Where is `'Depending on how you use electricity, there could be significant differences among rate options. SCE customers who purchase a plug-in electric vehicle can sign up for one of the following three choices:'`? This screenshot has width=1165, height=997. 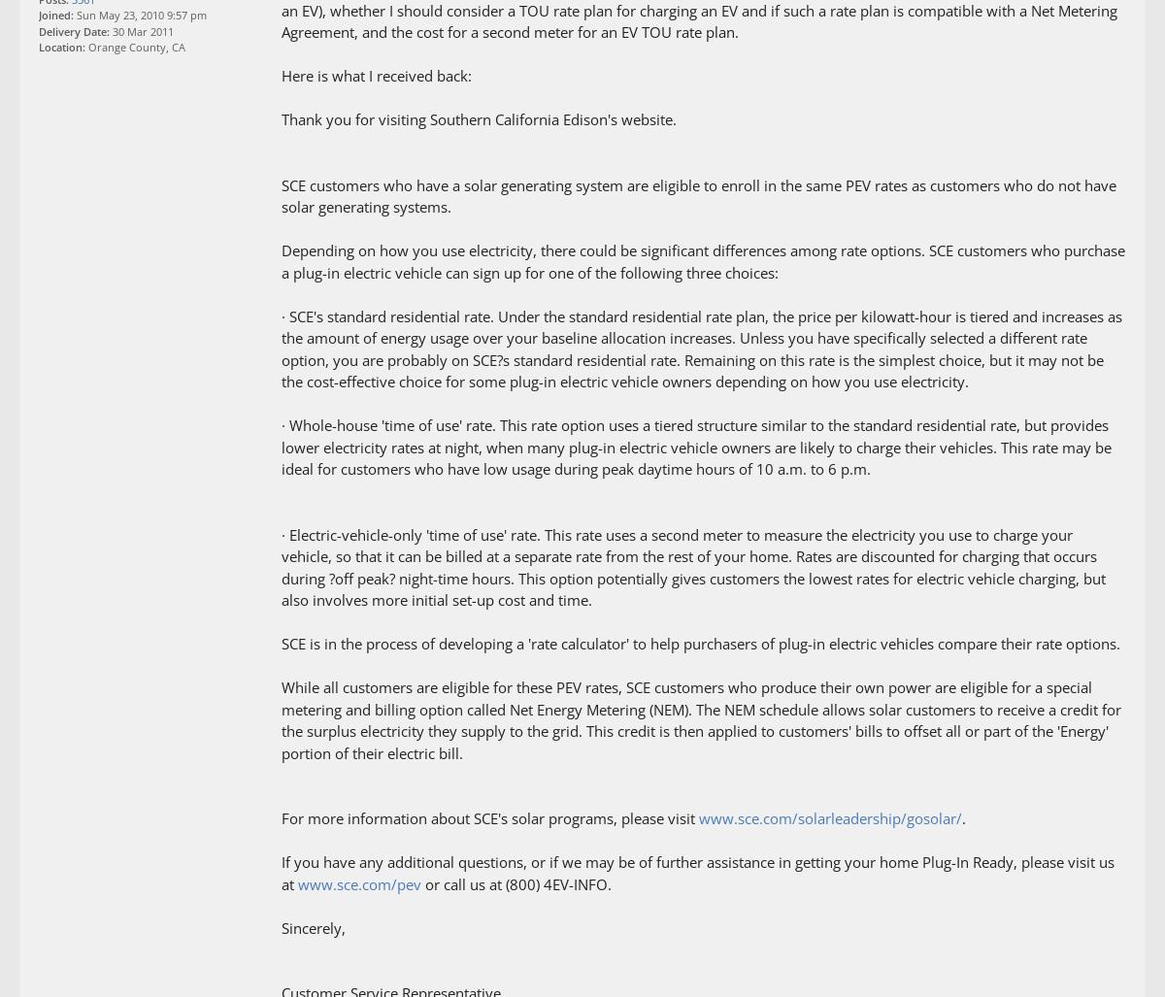
'Depending on how you use electricity, there could be significant differences among rate options. SCE customers who purchase a plug-in electric vehicle can sign up for one of the following three choices:' is located at coordinates (703, 260).